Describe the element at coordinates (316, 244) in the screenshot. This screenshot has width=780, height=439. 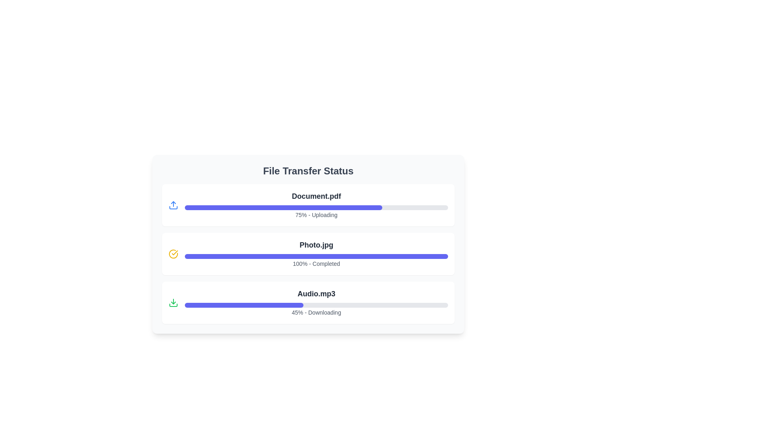
I see `the static text displaying the name of the file in the second section of the file transfer list, which is positioned above the progress bar and the '100% - Completed' text` at that location.